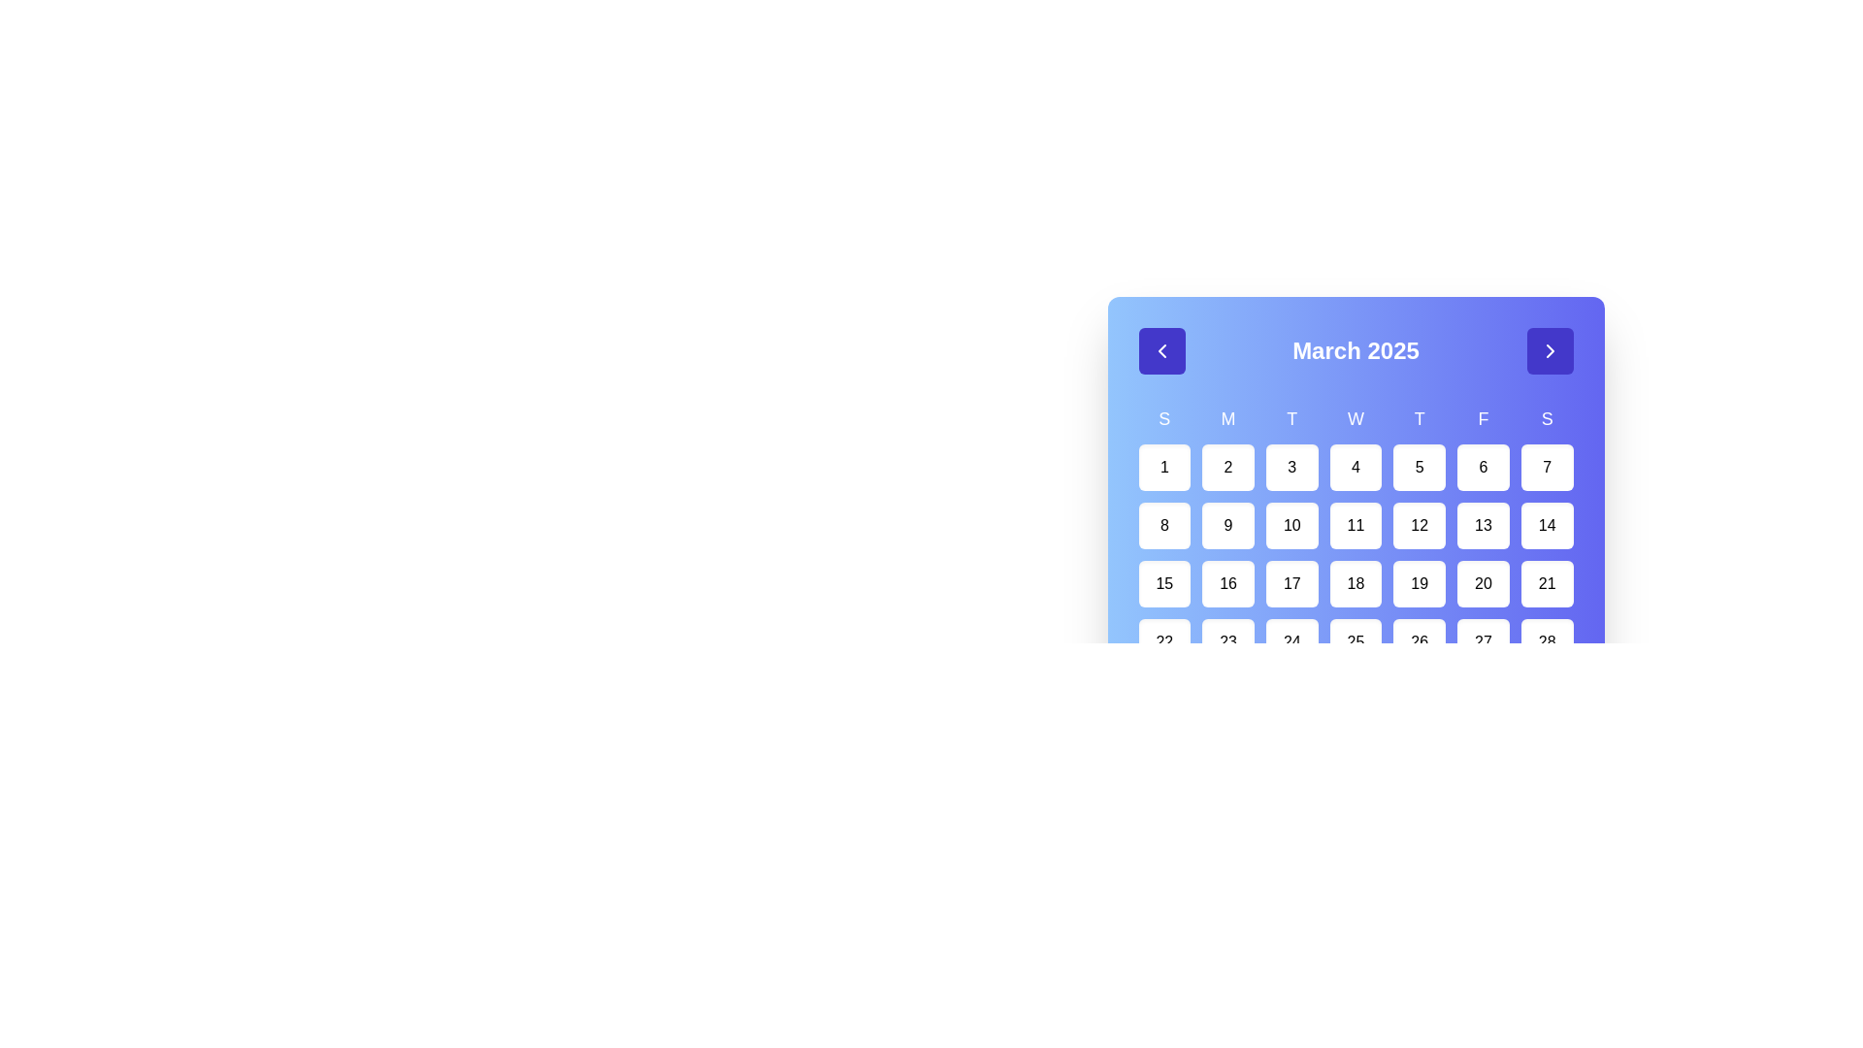 This screenshot has height=1048, width=1863. What do you see at coordinates (1164, 468) in the screenshot?
I see `the calendar day button styled with a white background and containing the number '1'` at bounding box center [1164, 468].